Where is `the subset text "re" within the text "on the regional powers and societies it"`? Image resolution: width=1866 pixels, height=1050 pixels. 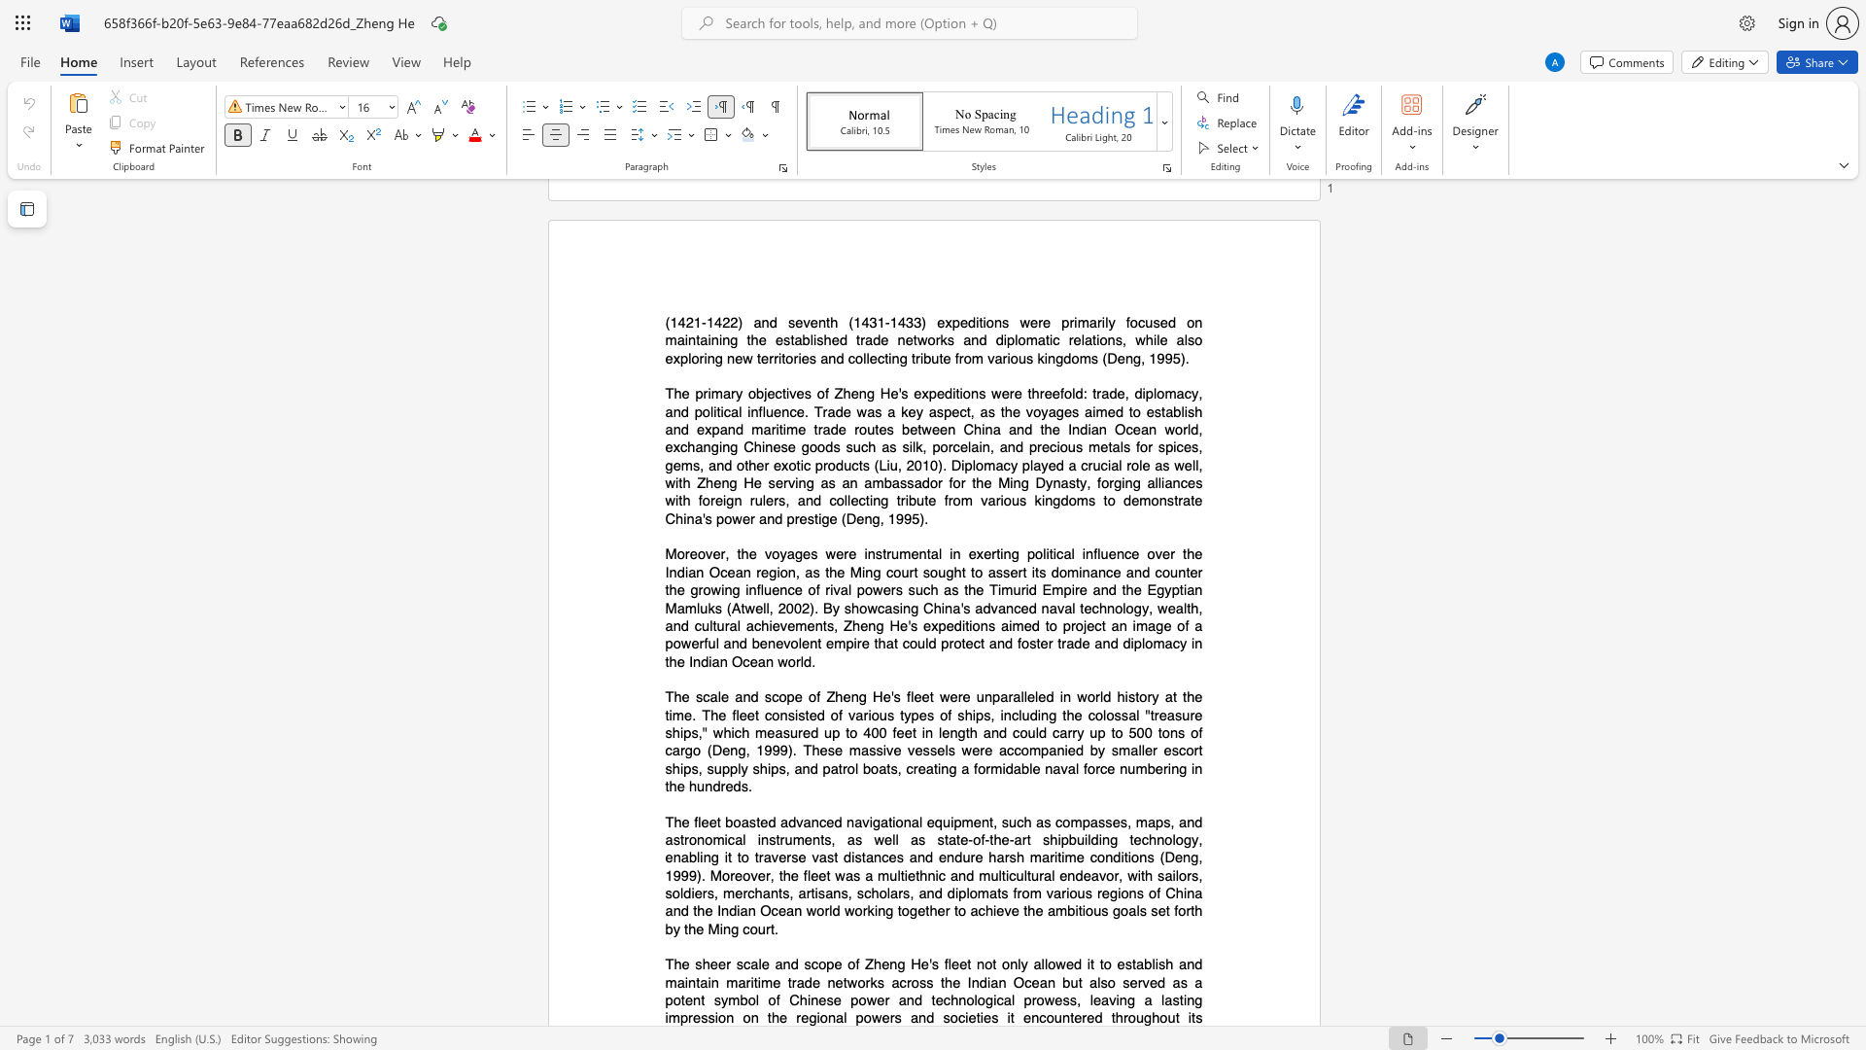 the subset text "re" within the text "on the regional powers and societies it" is located at coordinates (796, 1017).